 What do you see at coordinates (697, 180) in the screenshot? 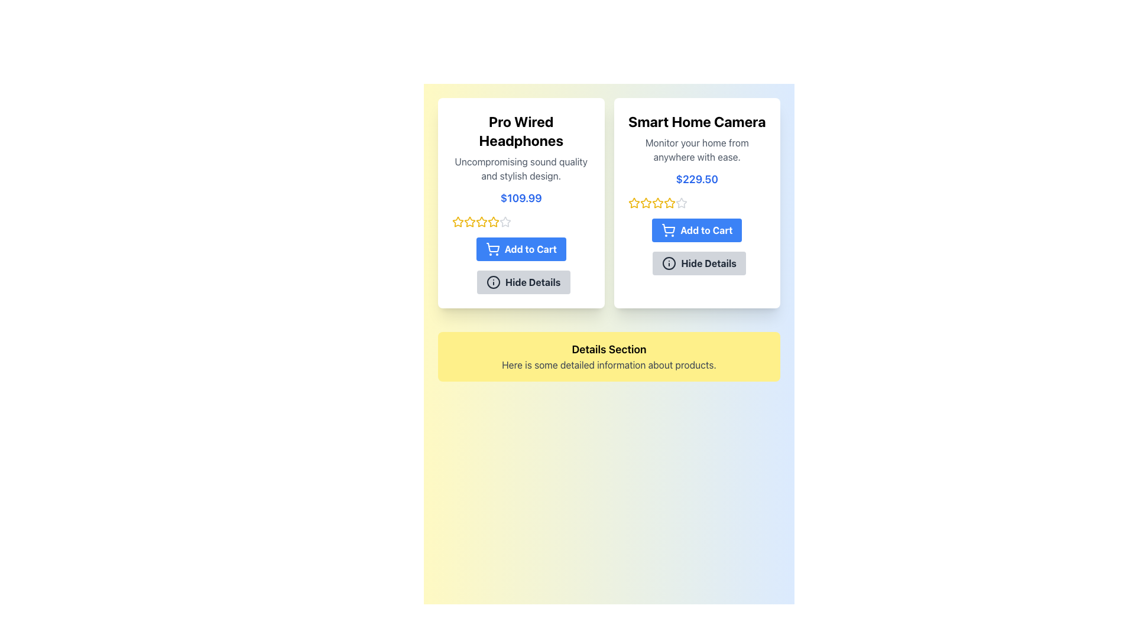
I see `price displayed in the Text Label located below the product description of the 'Smart Home Camera' and above the rating section` at bounding box center [697, 180].